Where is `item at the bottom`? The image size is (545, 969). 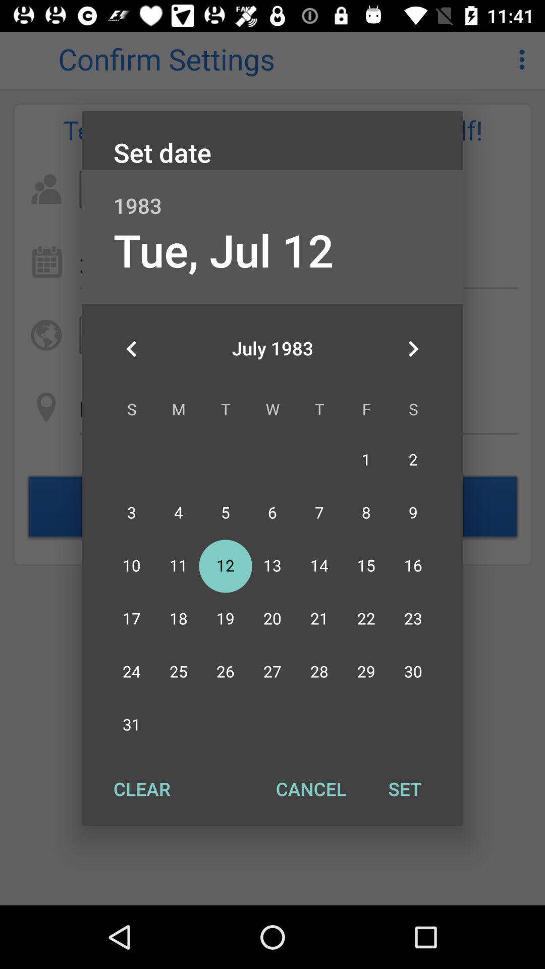 item at the bottom is located at coordinates (310, 788).